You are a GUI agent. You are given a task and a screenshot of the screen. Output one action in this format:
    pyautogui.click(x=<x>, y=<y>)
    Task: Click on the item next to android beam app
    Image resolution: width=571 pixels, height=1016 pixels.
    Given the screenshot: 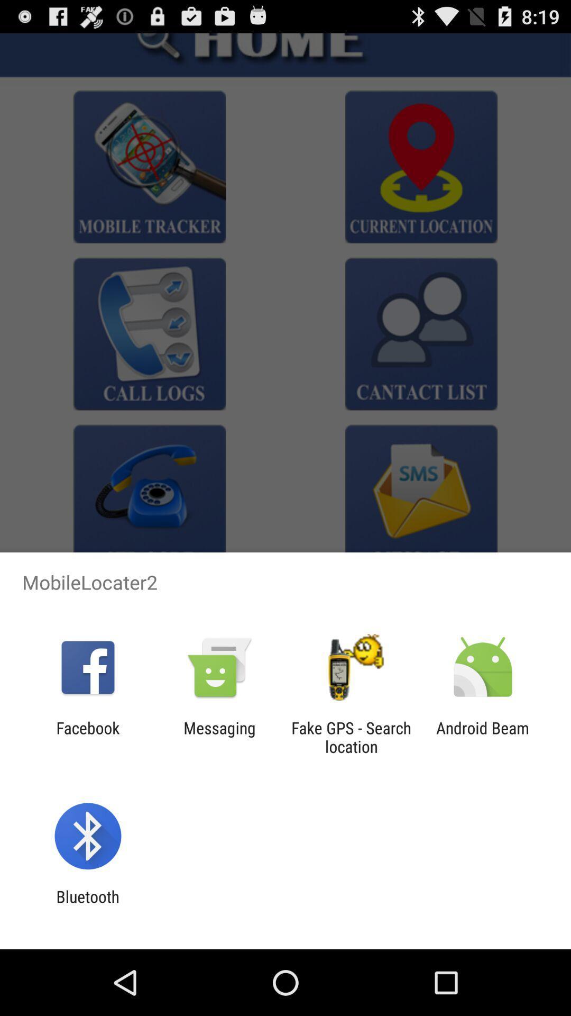 What is the action you would take?
    pyautogui.click(x=351, y=737)
    